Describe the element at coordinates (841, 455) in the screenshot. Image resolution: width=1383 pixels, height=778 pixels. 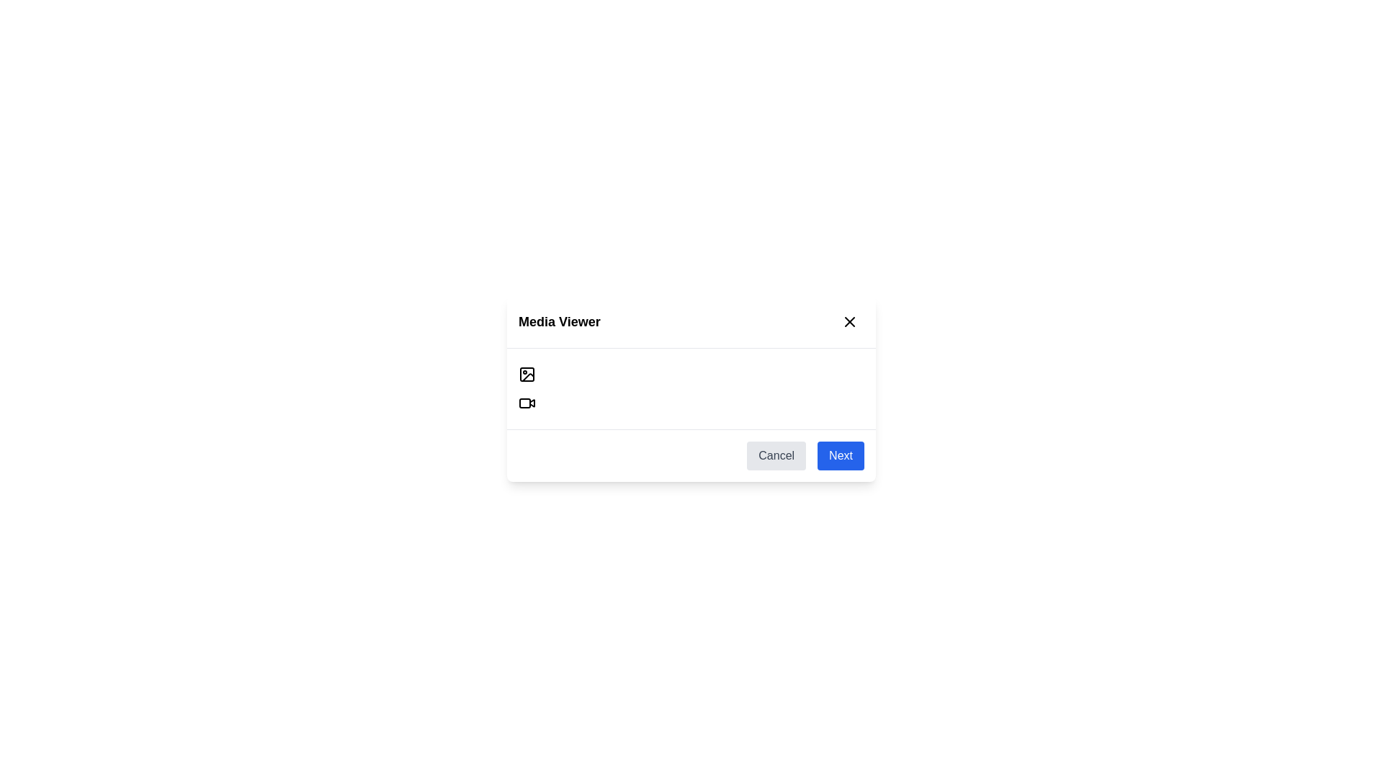
I see `the proceed button located on the bottom-right side of the dialog box, which is the second button from the left, positioned to the right of the 'Cancel' button, to initiate the next action in the workflow` at that location.